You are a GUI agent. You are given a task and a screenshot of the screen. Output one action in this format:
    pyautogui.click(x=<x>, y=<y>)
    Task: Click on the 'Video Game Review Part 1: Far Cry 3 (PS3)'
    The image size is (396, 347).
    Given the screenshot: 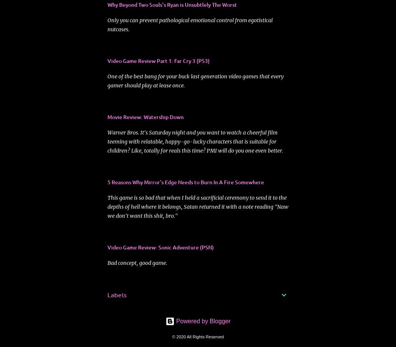 What is the action you would take?
    pyautogui.click(x=158, y=60)
    